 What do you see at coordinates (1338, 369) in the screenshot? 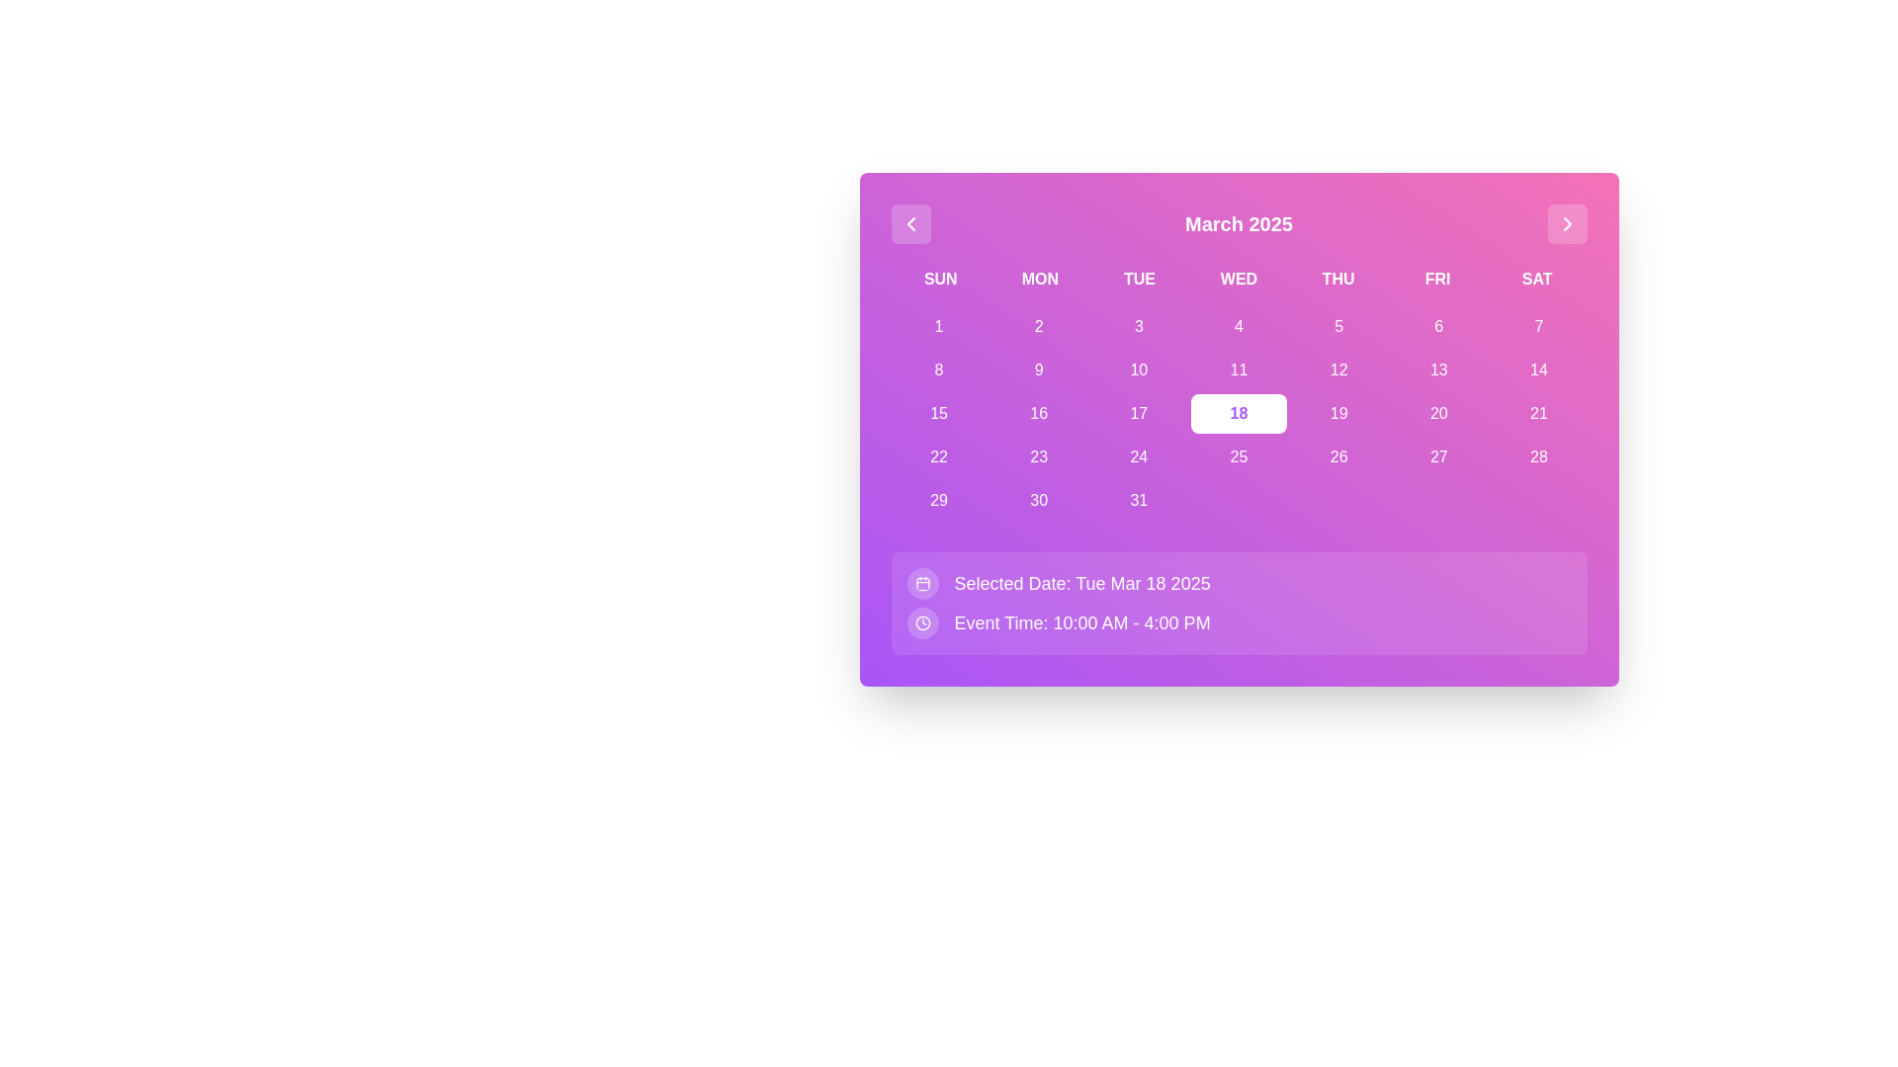
I see `the date '12' button located` at bounding box center [1338, 369].